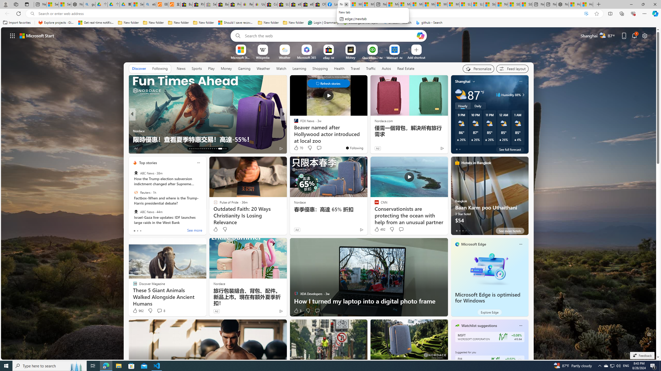 This screenshot has height=371, width=661. What do you see at coordinates (476, 163) in the screenshot?
I see `'Hotels in Bangkok'` at bounding box center [476, 163].